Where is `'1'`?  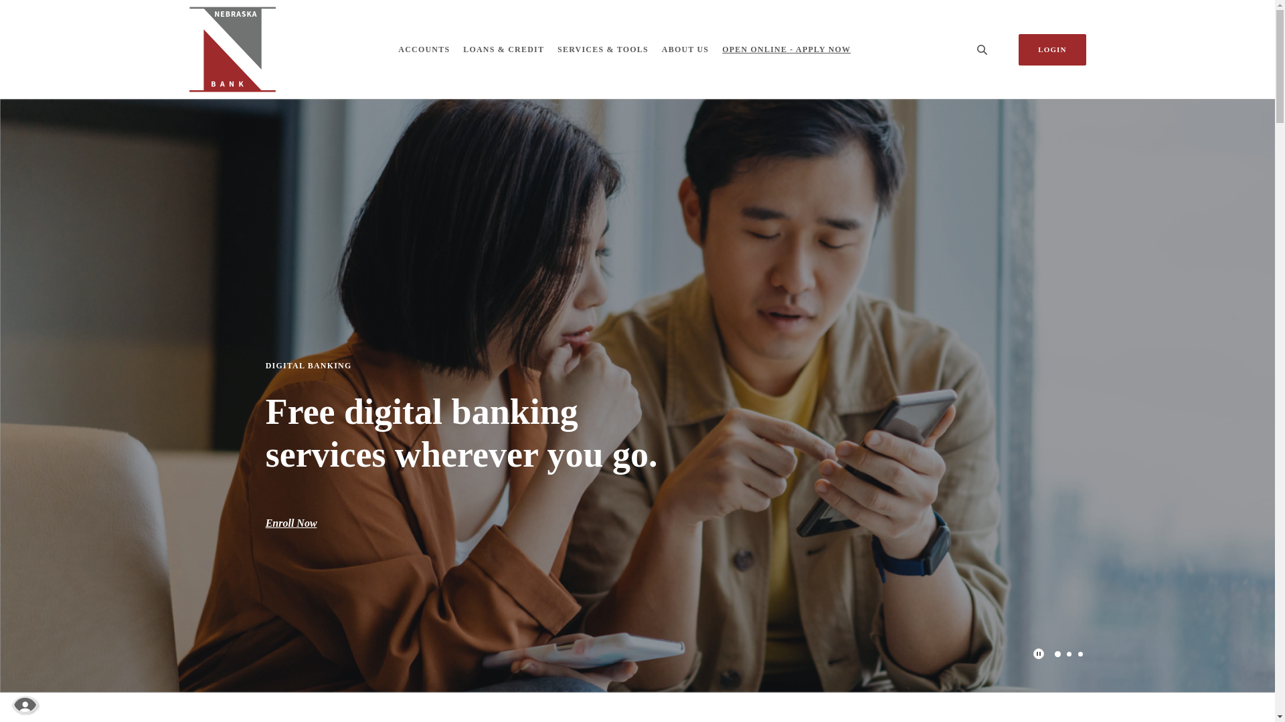
'1' is located at coordinates (1053, 652).